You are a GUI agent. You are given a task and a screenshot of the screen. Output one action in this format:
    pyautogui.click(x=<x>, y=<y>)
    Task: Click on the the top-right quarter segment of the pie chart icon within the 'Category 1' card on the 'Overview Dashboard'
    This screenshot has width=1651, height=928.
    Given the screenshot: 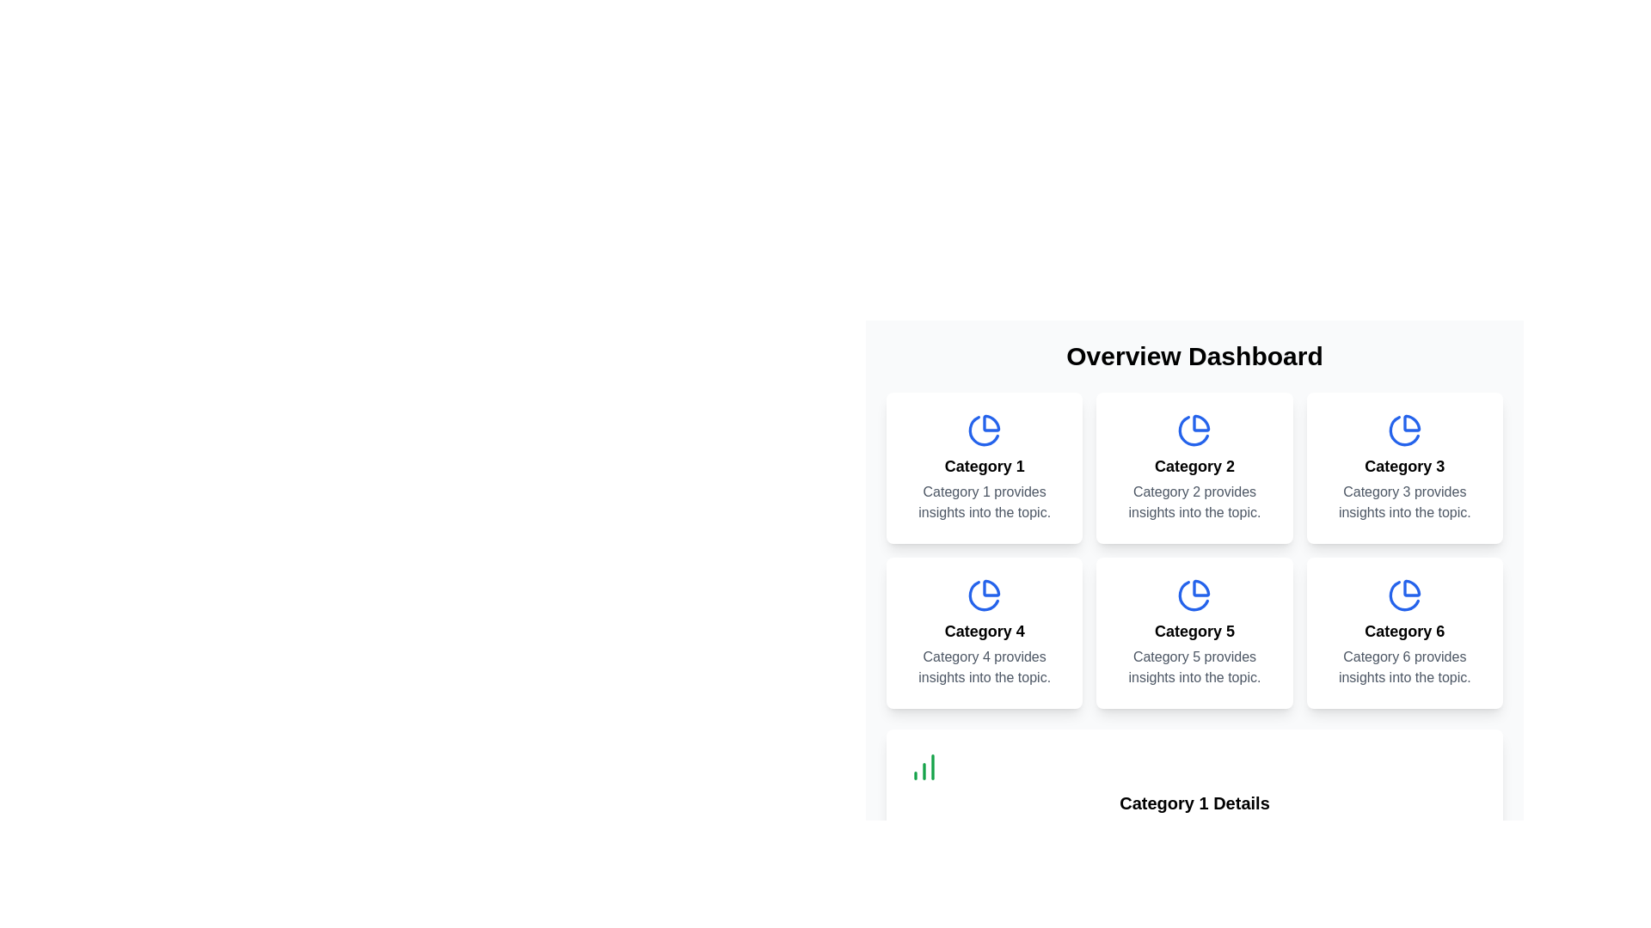 What is the action you would take?
    pyautogui.click(x=991, y=423)
    